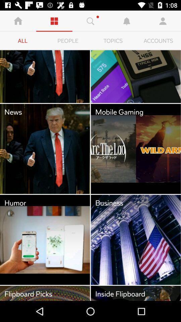 The height and width of the screenshot is (322, 181). What do you see at coordinates (113, 41) in the screenshot?
I see `icon next to accounts icon` at bounding box center [113, 41].